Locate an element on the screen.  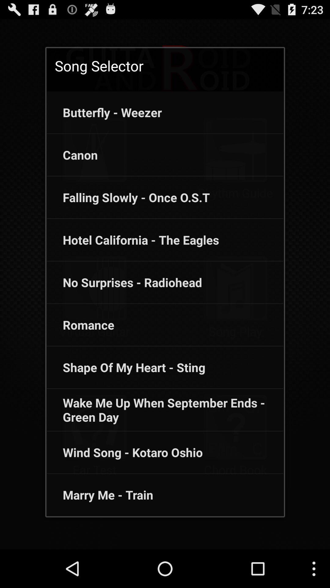
app below no surprises - radiohead icon is located at coordinates (80, 324).